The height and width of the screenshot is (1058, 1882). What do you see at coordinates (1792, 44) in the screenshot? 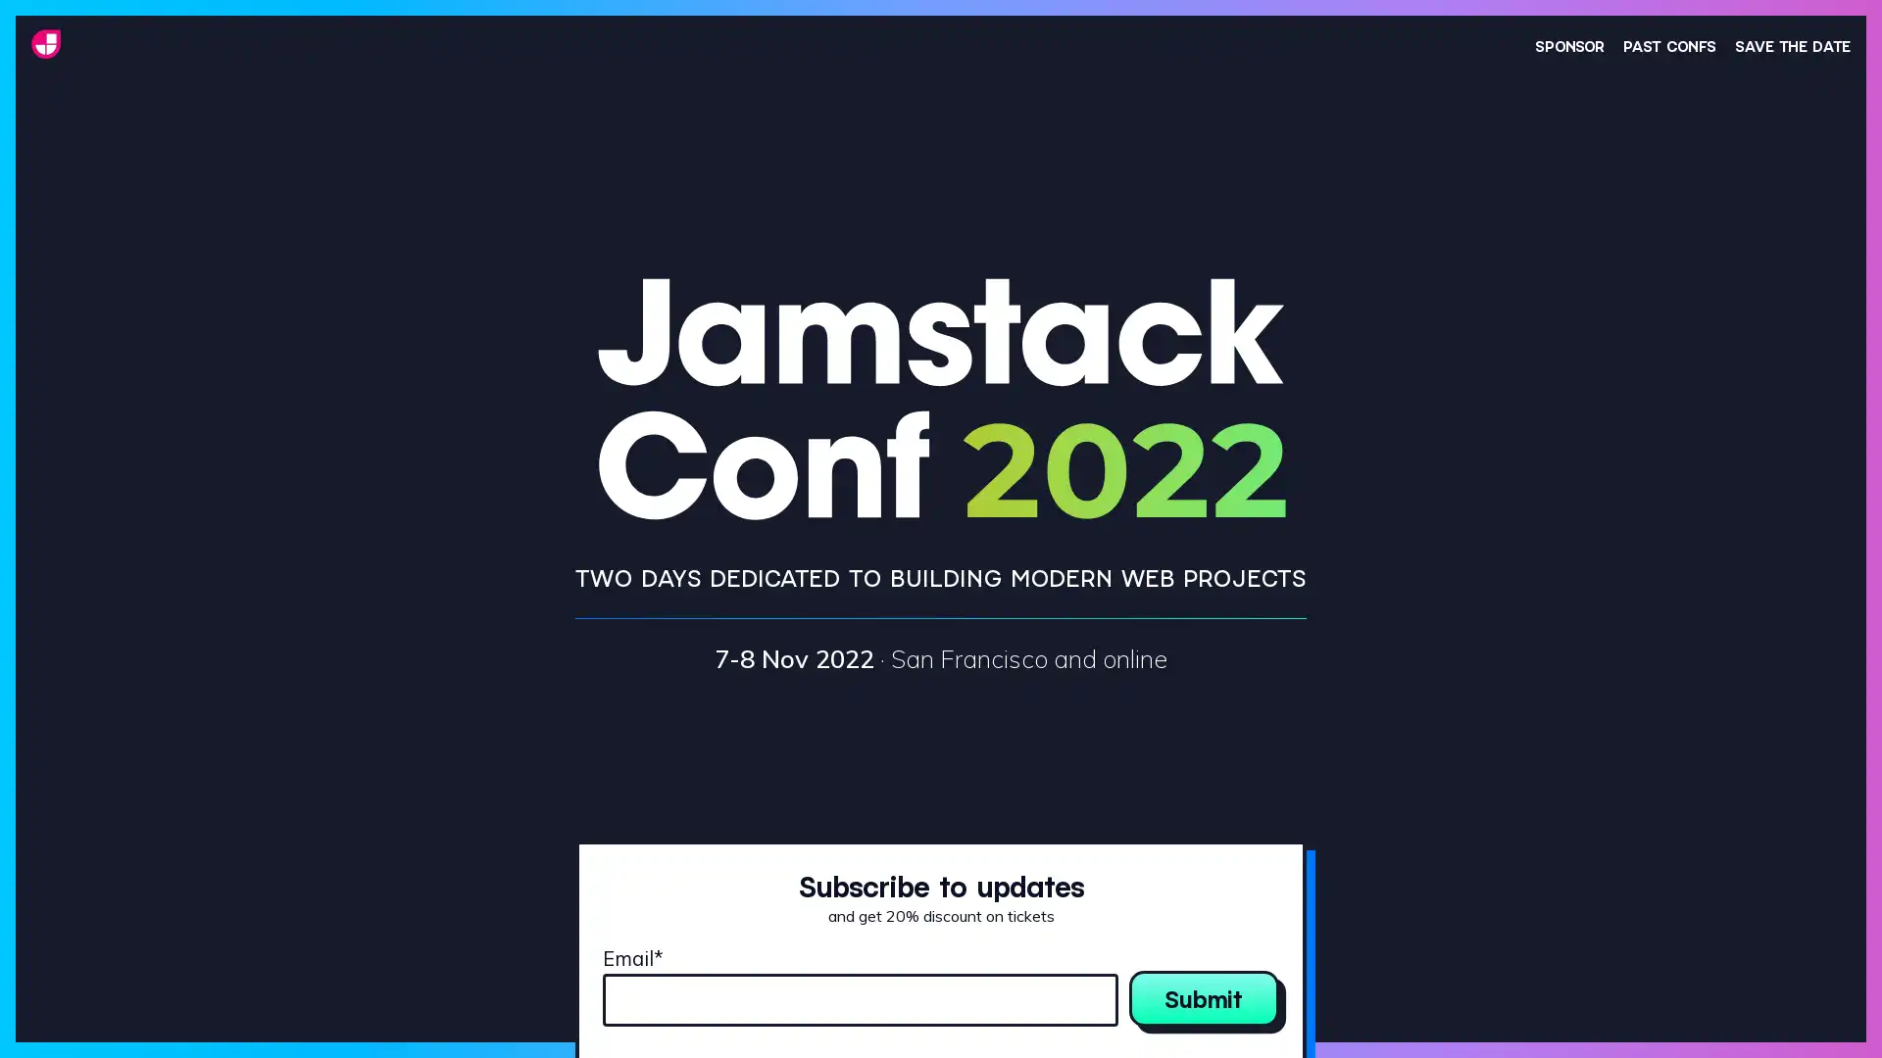
I see `SAVE THE DATE` at bounding box center [1792, 44].